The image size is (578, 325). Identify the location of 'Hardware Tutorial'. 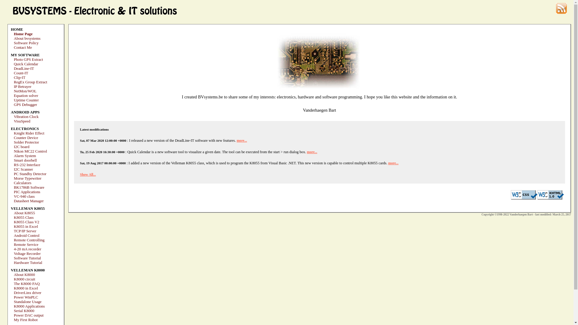
(27, 262).